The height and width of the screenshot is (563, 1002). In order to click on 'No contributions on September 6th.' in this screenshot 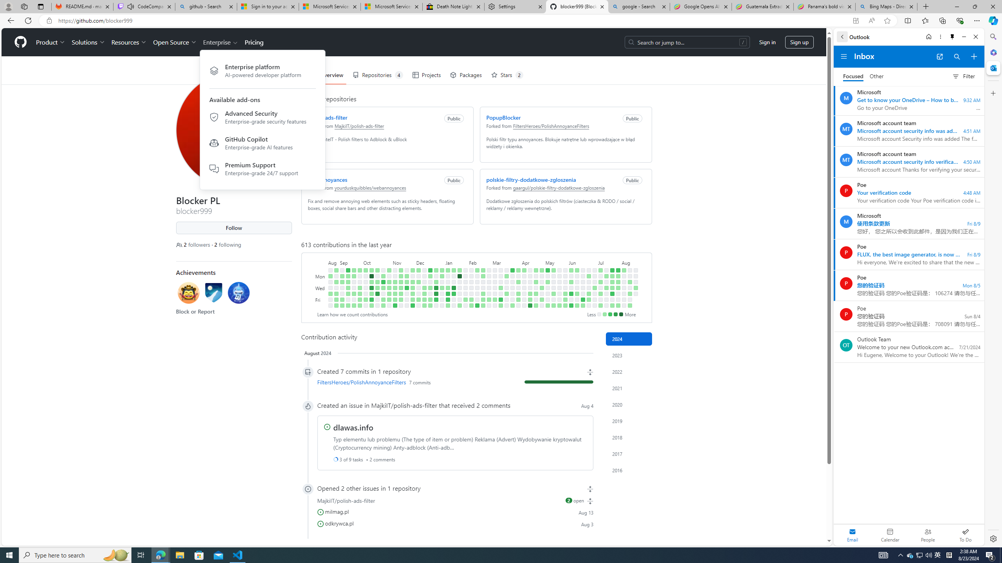, I will do `click(342, 287)`.